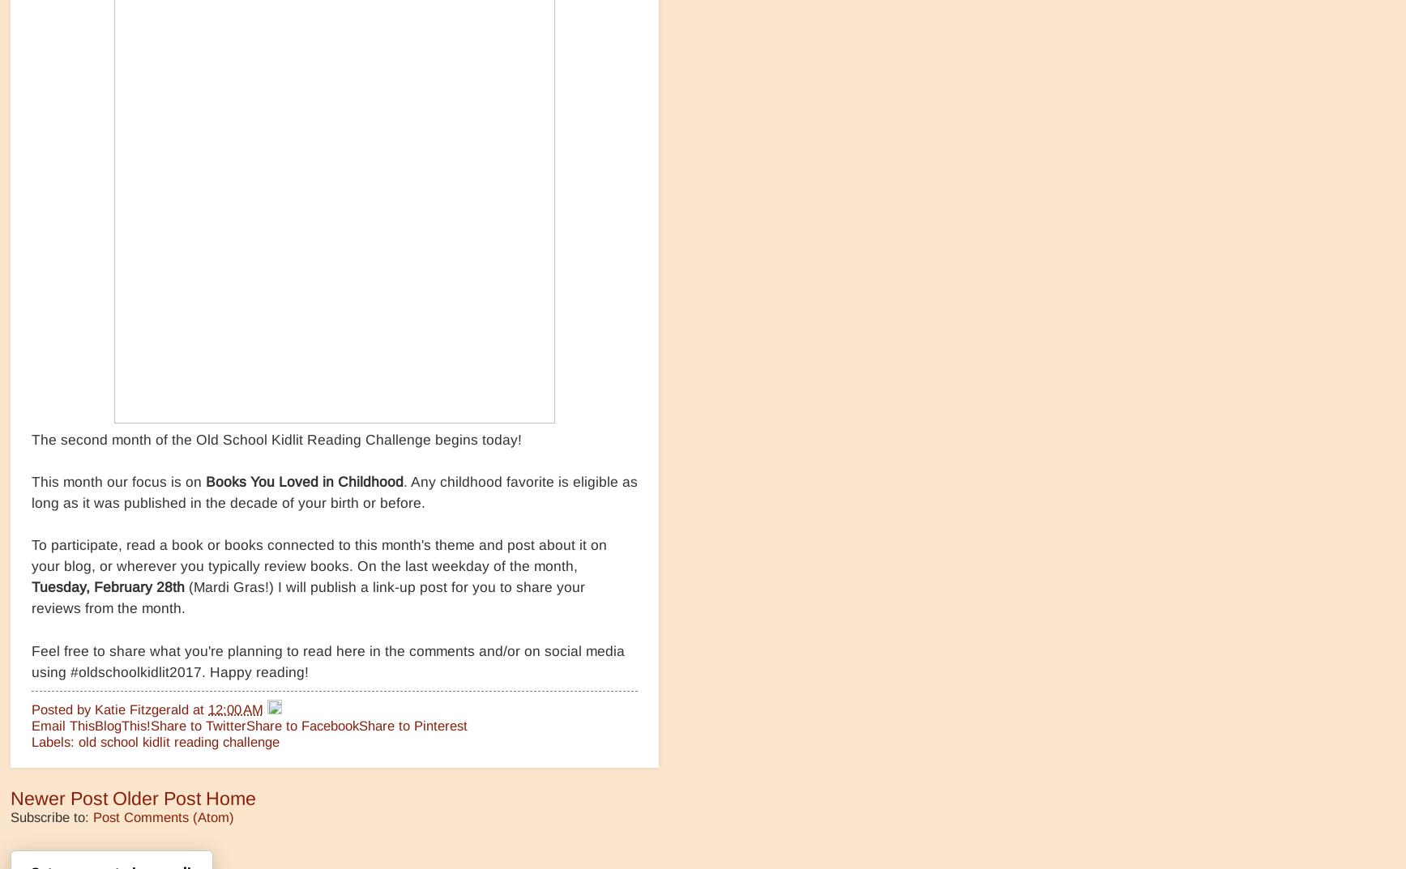  I want to click on 'Feel free to share what you're planning to read here in the comments and/or on social media using #oldschoolkidlit2017. Happy reading!', so click(327, 661).